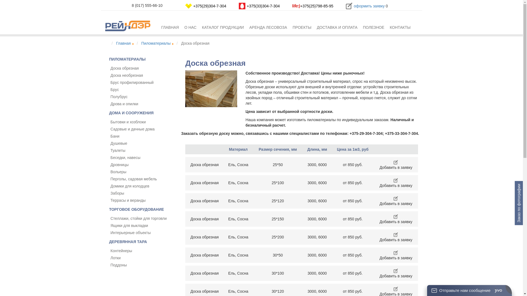 The width and height of the screenshot is (527, 296). What do you see at coordinates (193, 6) in the screenshot?
I see `'+375(29)304-7-304'` at bounding box center [193, 6].